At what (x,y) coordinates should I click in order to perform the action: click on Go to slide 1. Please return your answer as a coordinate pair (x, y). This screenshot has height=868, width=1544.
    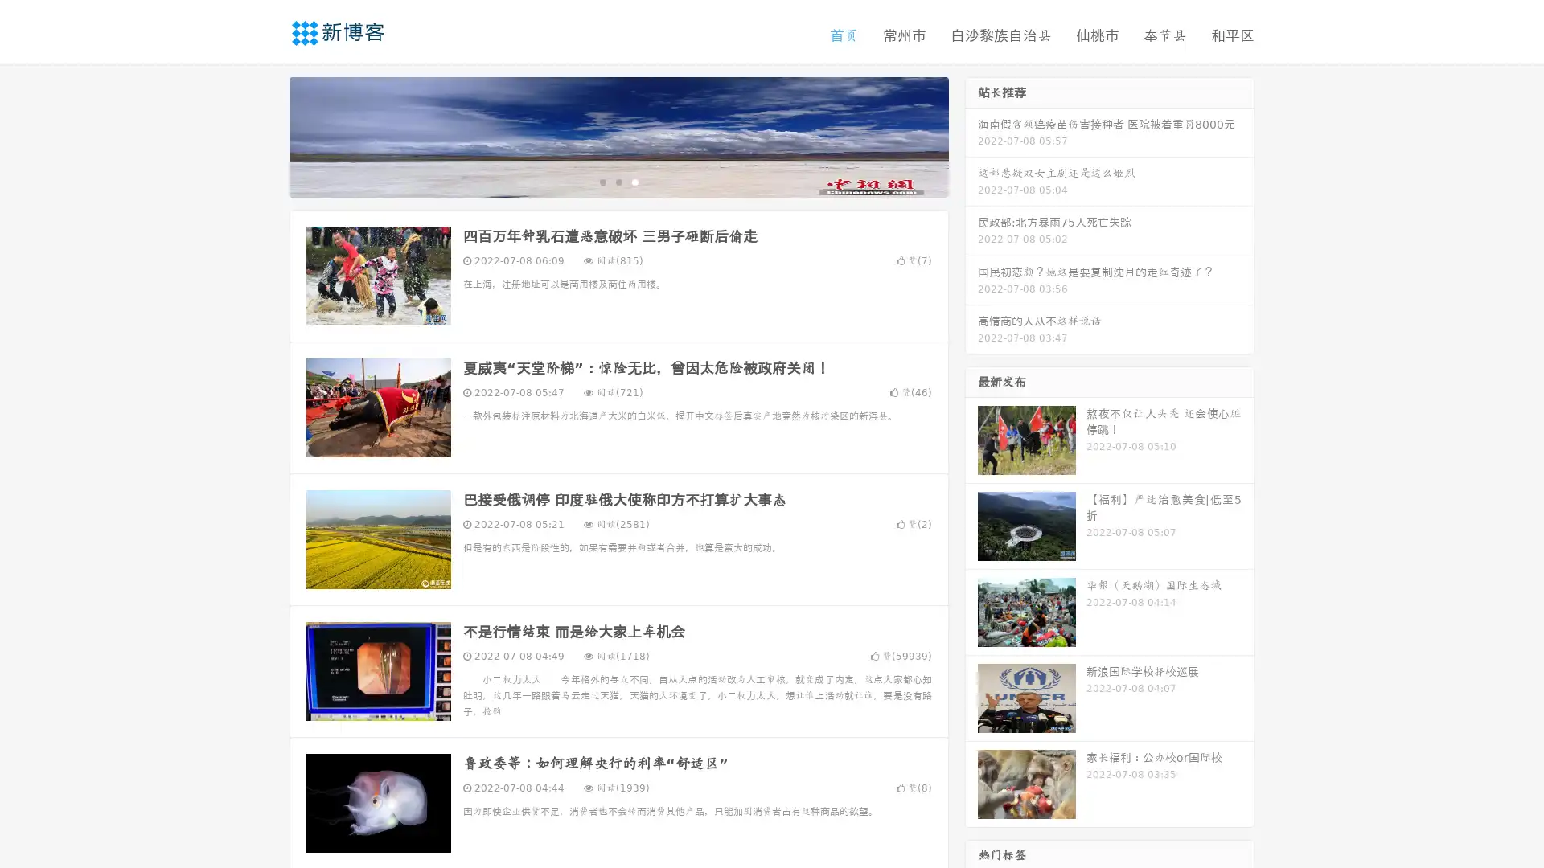
    Looking at the image, I should click on (602, 181).